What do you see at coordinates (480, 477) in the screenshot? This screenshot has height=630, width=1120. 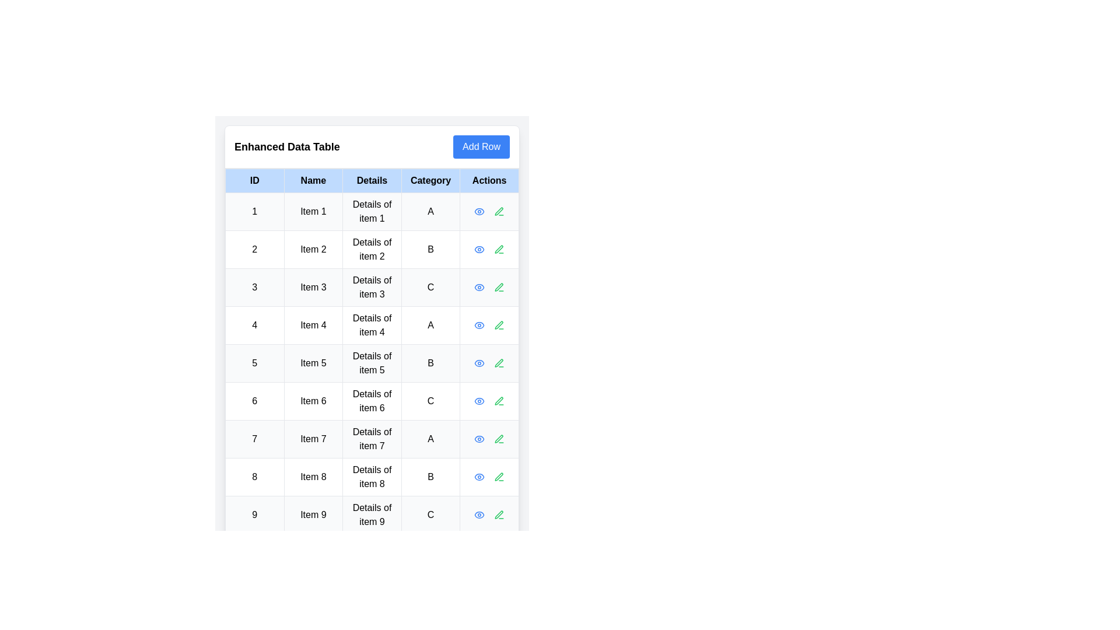 I see `the eye icon in the 'Actions' column of the eighth row of the data table` at bounding box center [480, 477].